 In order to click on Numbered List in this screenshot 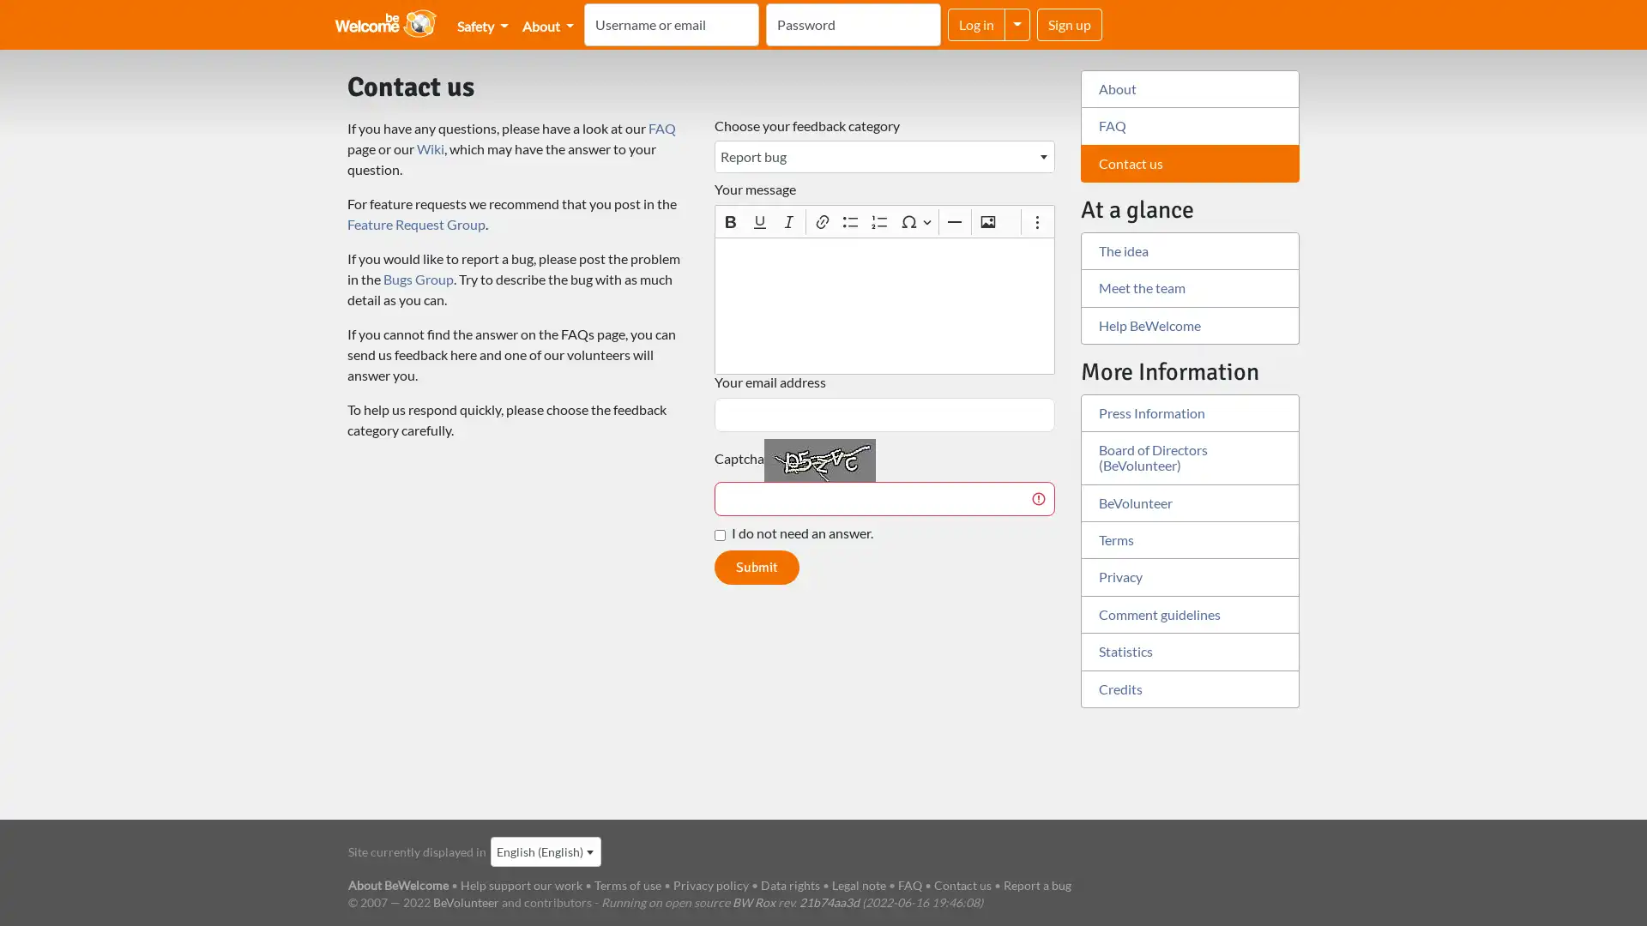, I will do `click(880, 220)`.